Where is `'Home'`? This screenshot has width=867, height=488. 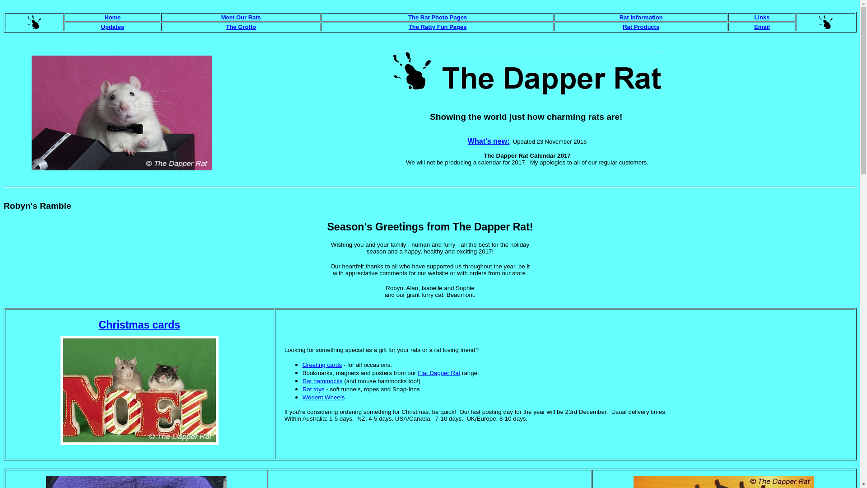 'Home' is located at coordinates (104, 17).